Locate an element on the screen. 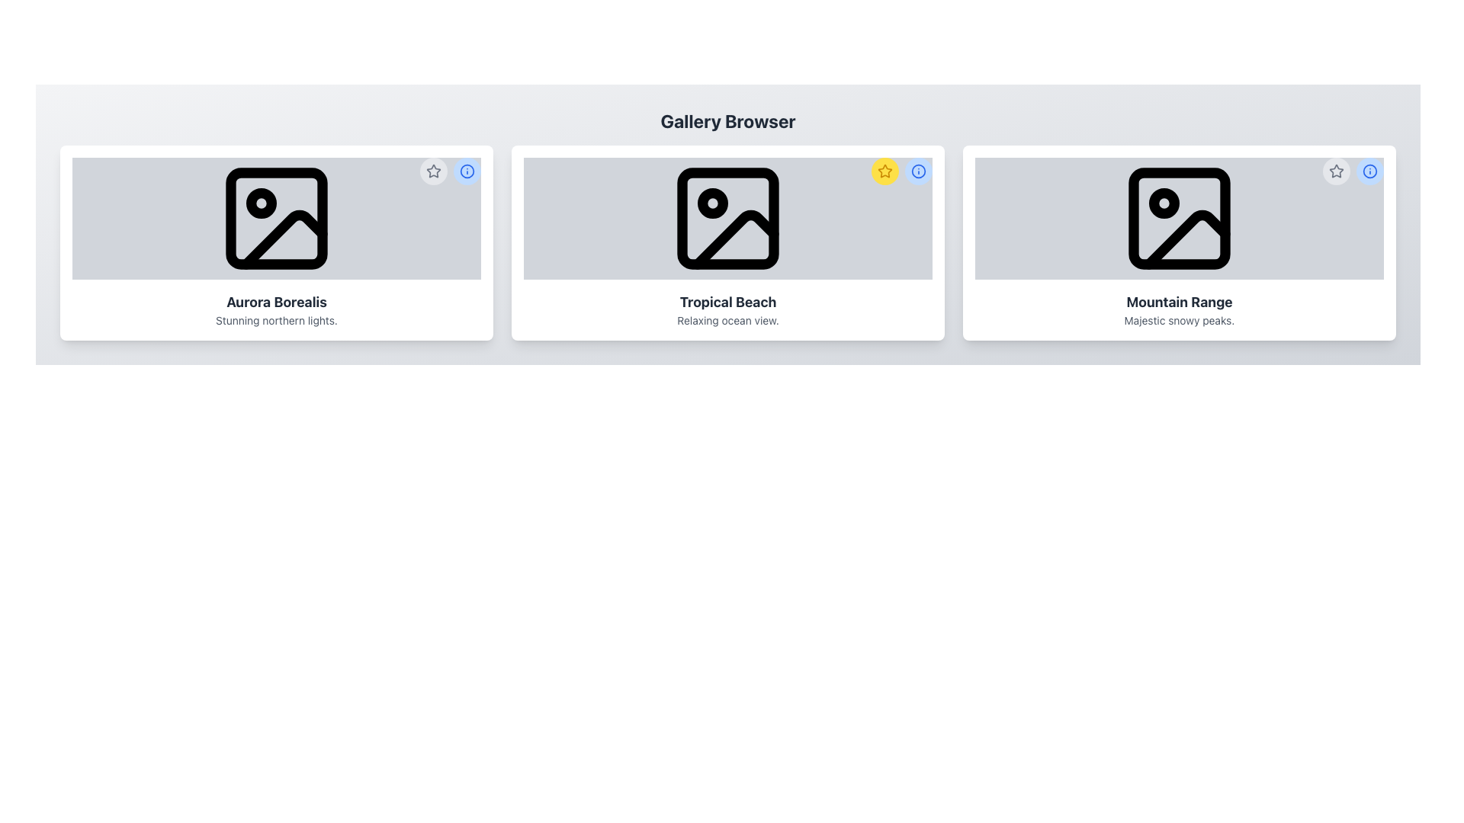 The image size is (1464, 823). the star-shaped icon button in the top-right corner of the 'Mountain Range' card is located at coordinates (1335, 171).